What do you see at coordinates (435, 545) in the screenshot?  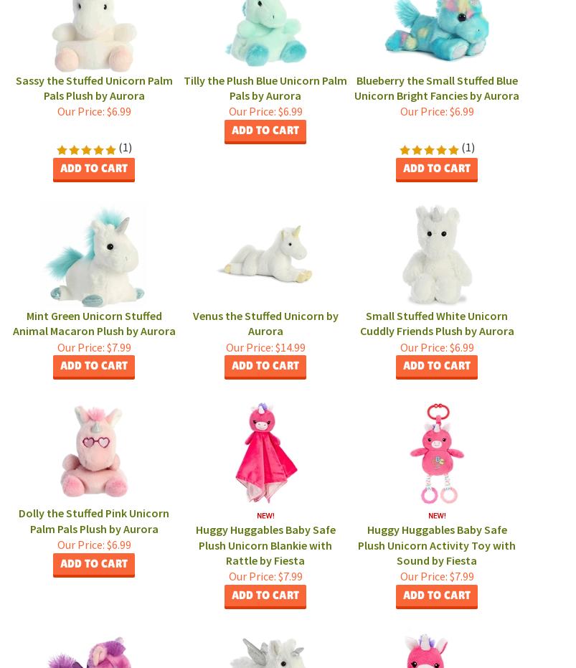 I see `'Huggy Huggables Baby Safe Plush Unicorn Activity Toy with Sound by Fiesta'` at bounding box center [435, 545].